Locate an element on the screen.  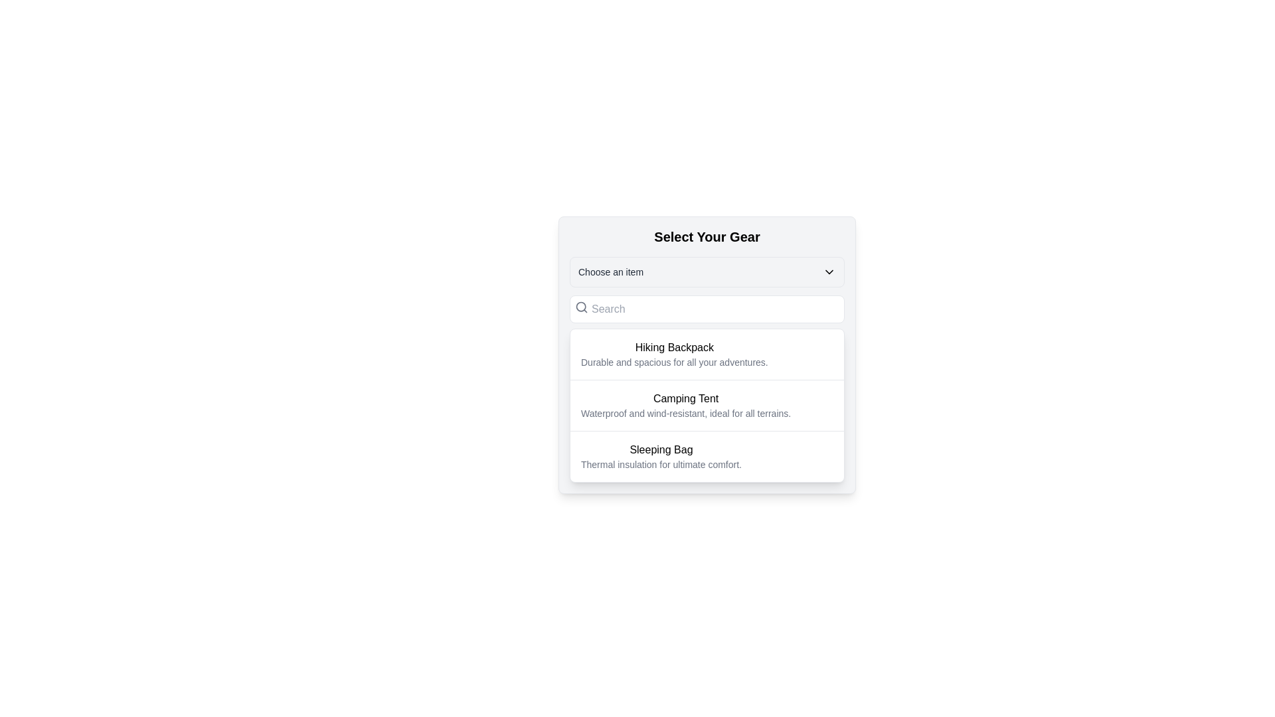
the label presenting the 'Camping Tent' item option in the dropdown panel is located at coordinates (686, 404).